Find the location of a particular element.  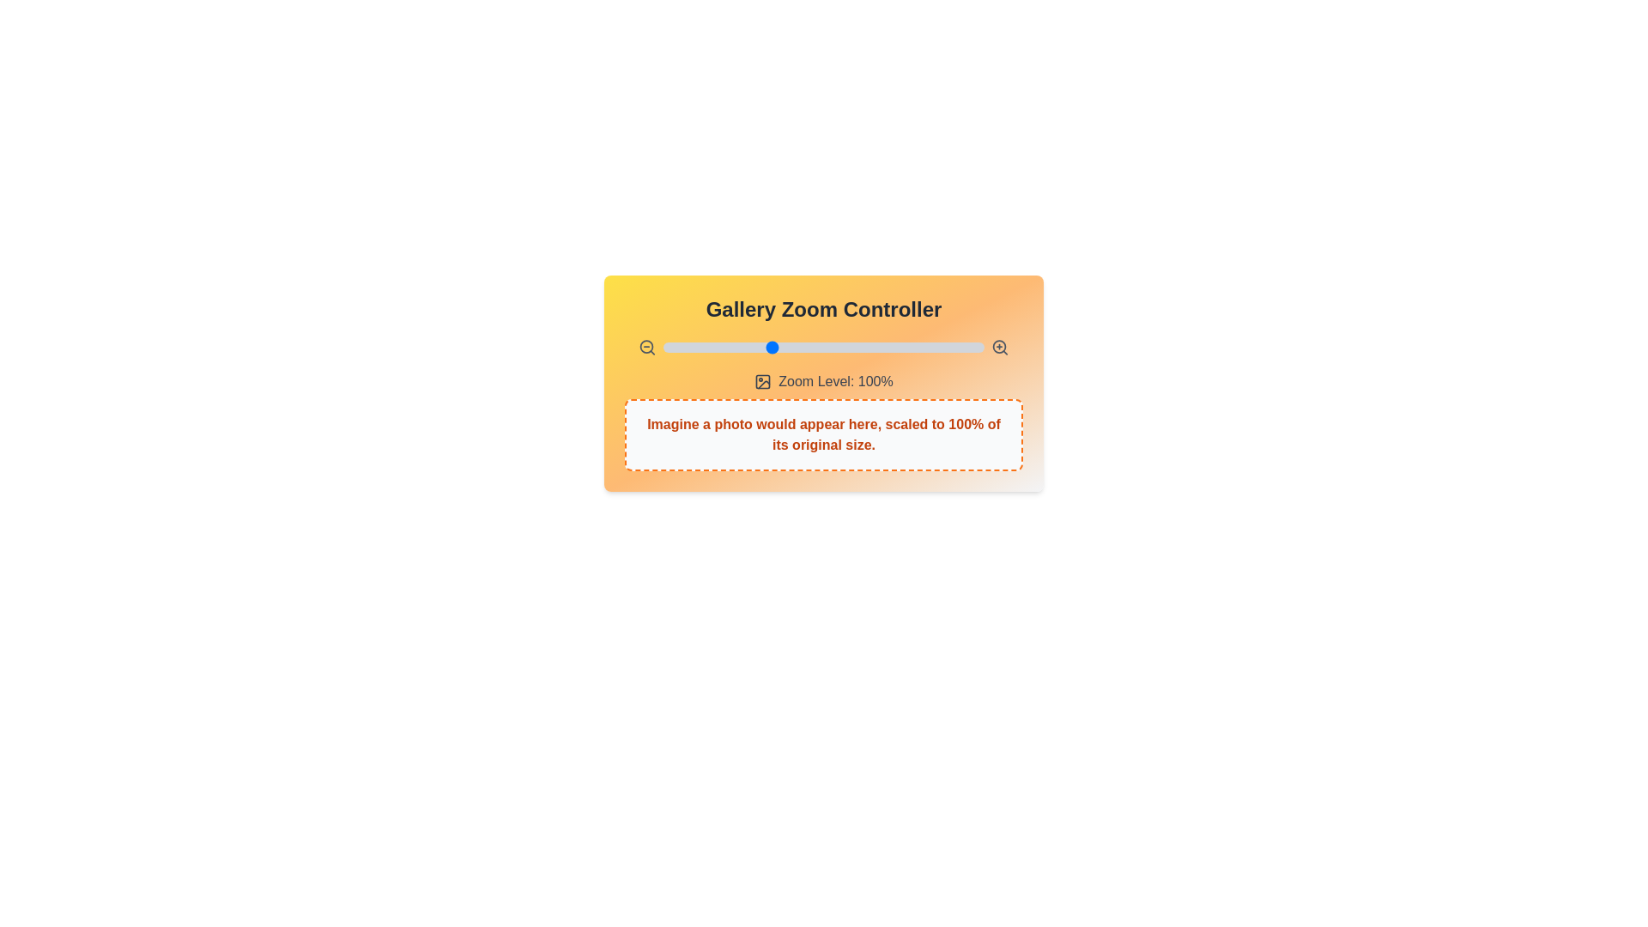

the zoom level to 180% by interacting with the slider is located at coordinates (941, 348).